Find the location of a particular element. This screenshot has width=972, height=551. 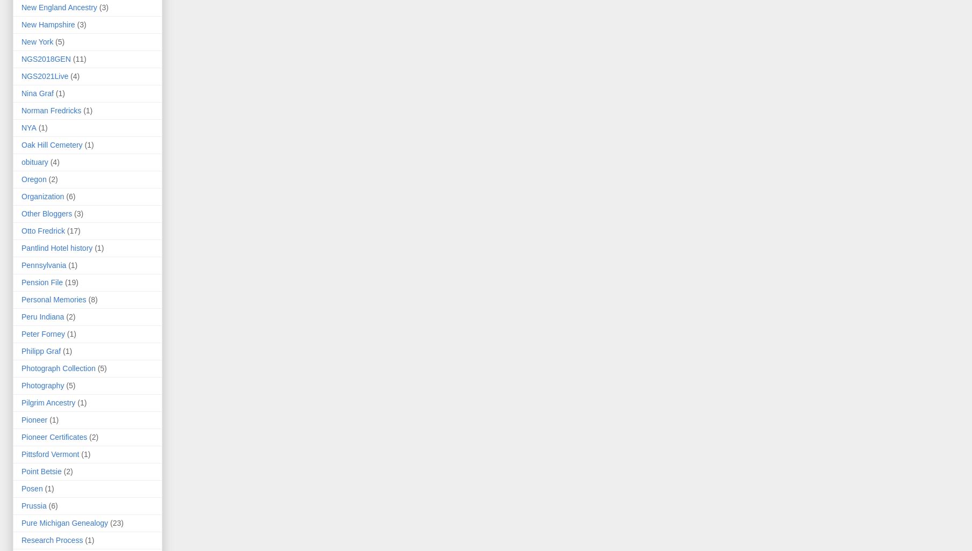

'Other Bloggers' is located at coordinates (46, 213).